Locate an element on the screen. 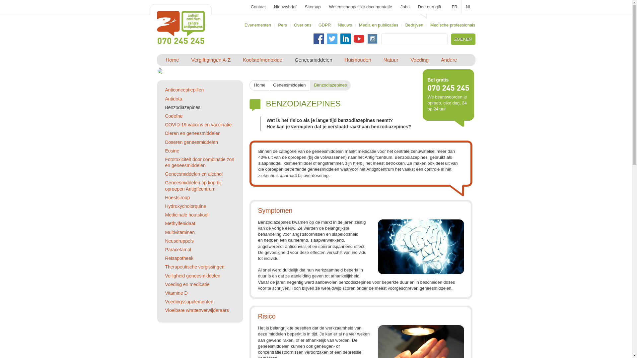 Image resolution: width=637 pixels, height=358 pixels. 'Hydroxycholorquine' is located at coordinates (185, 206).